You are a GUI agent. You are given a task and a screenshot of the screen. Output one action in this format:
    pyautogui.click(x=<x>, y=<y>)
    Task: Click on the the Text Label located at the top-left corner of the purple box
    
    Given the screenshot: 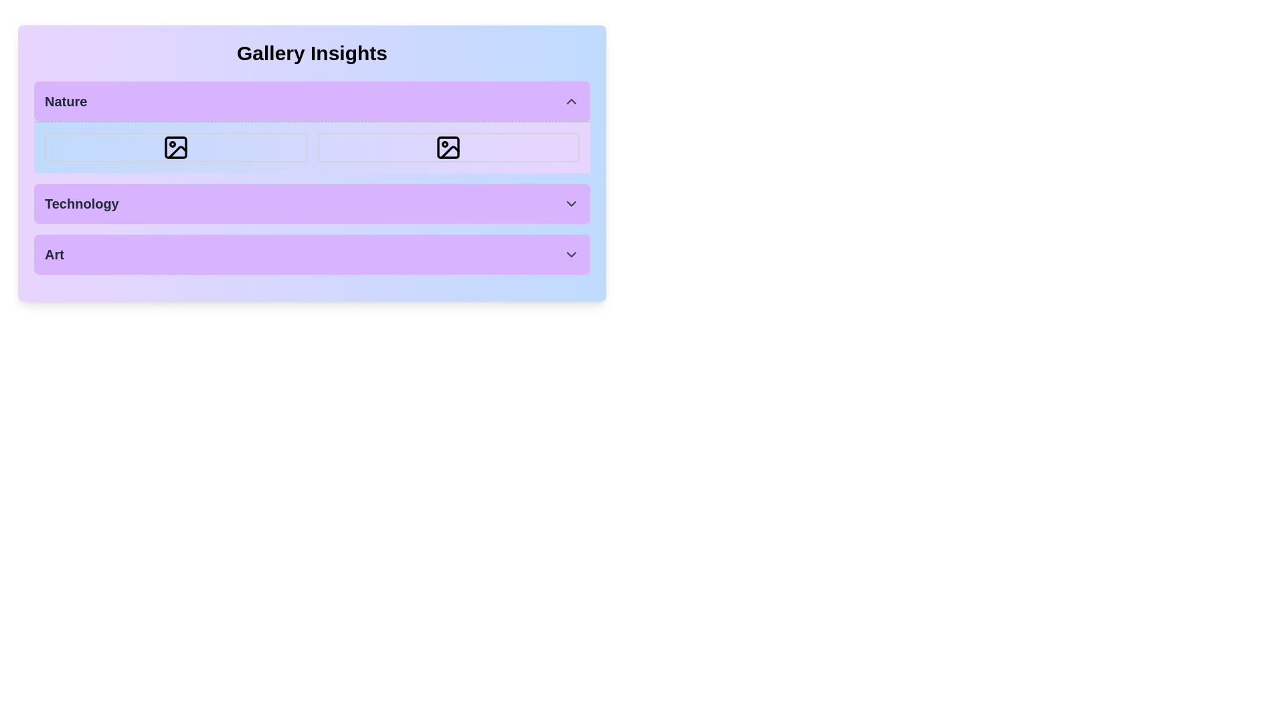 What is the action you would take?
    pyautogui.click(x=65, y=100)
    